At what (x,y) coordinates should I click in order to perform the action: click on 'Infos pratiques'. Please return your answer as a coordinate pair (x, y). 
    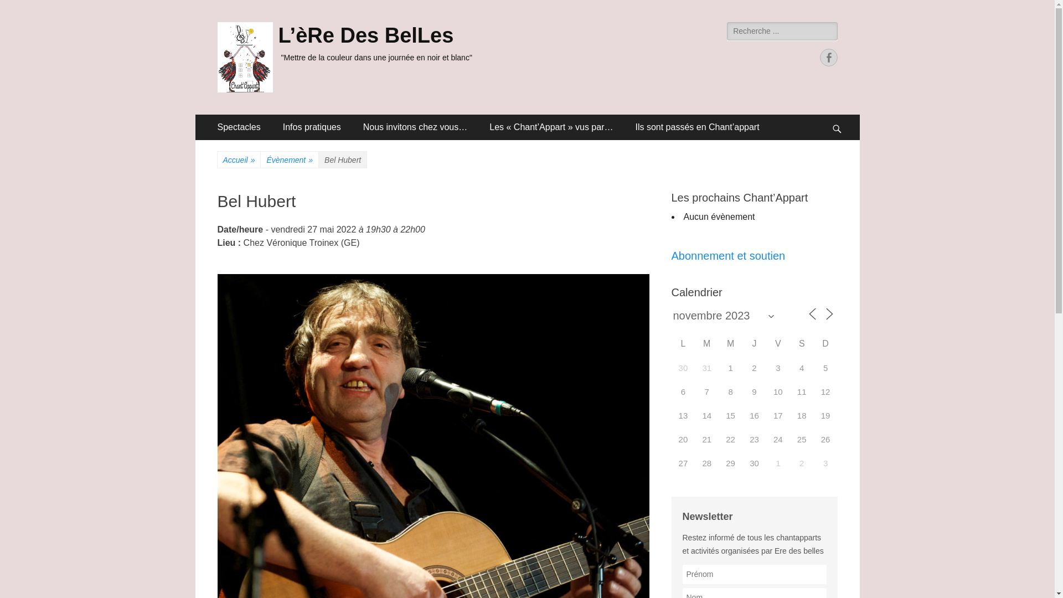
    Looking at the image, I should click on (311, 127).